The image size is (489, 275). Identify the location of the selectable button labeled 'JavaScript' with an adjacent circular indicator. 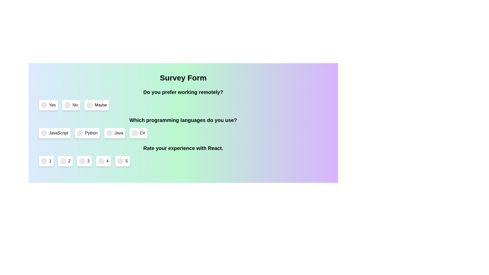
(55, 133).